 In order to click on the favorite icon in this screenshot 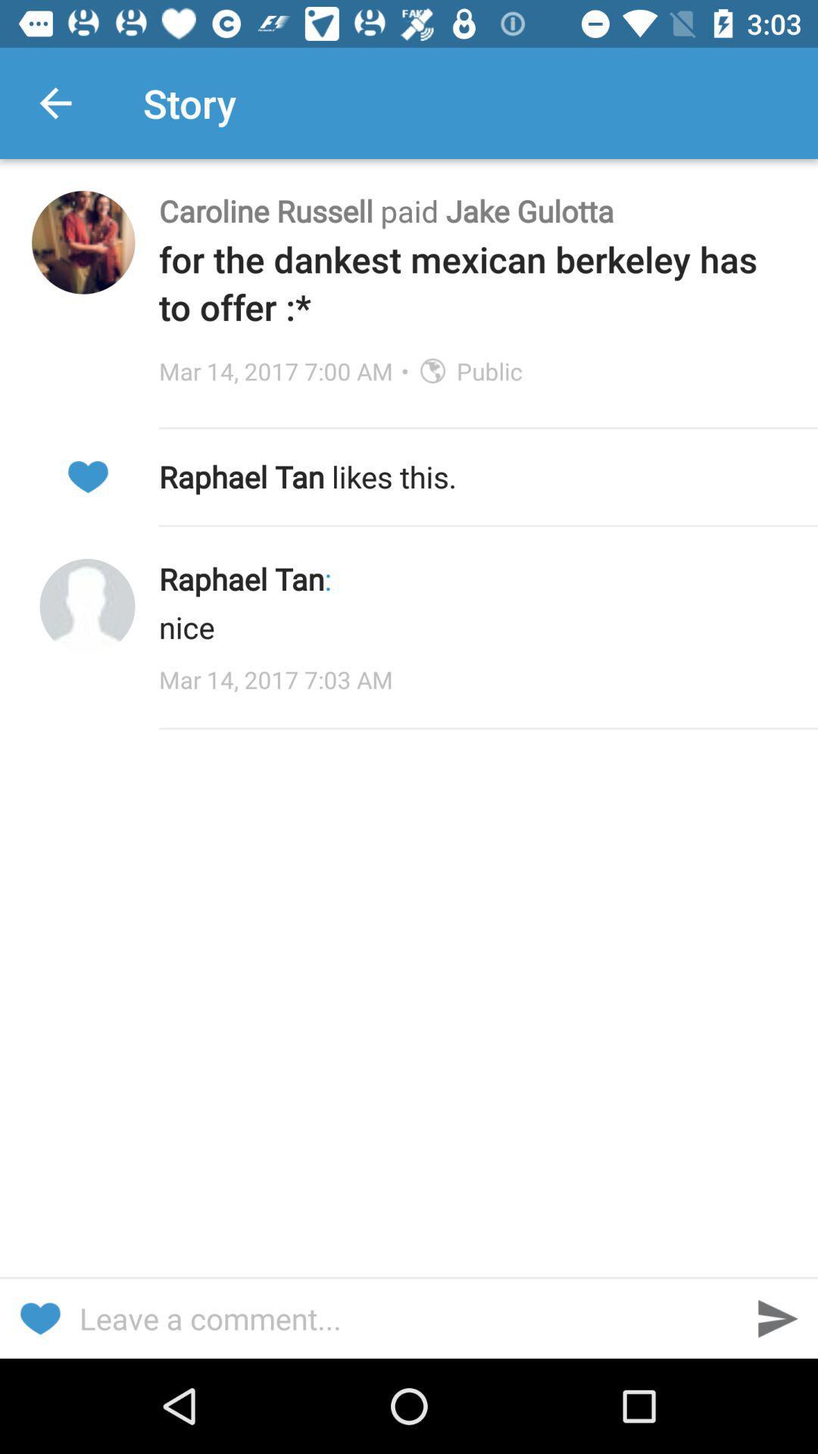, I will do `click(39, 1318)`.